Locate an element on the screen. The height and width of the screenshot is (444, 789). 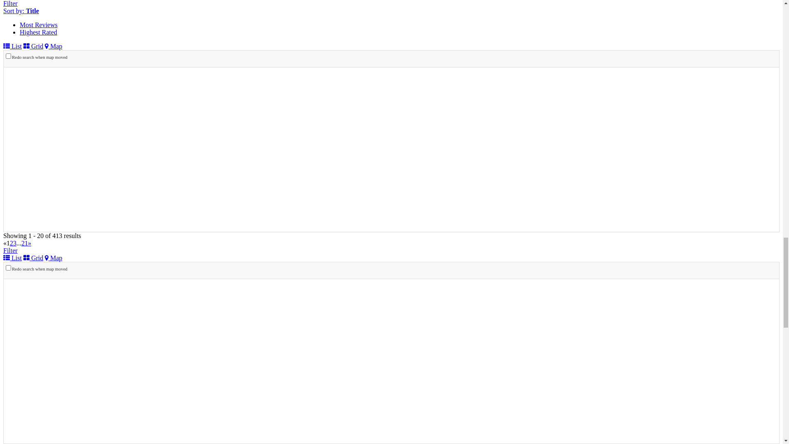
'Skip to content' is located at coordinates (3, 7).